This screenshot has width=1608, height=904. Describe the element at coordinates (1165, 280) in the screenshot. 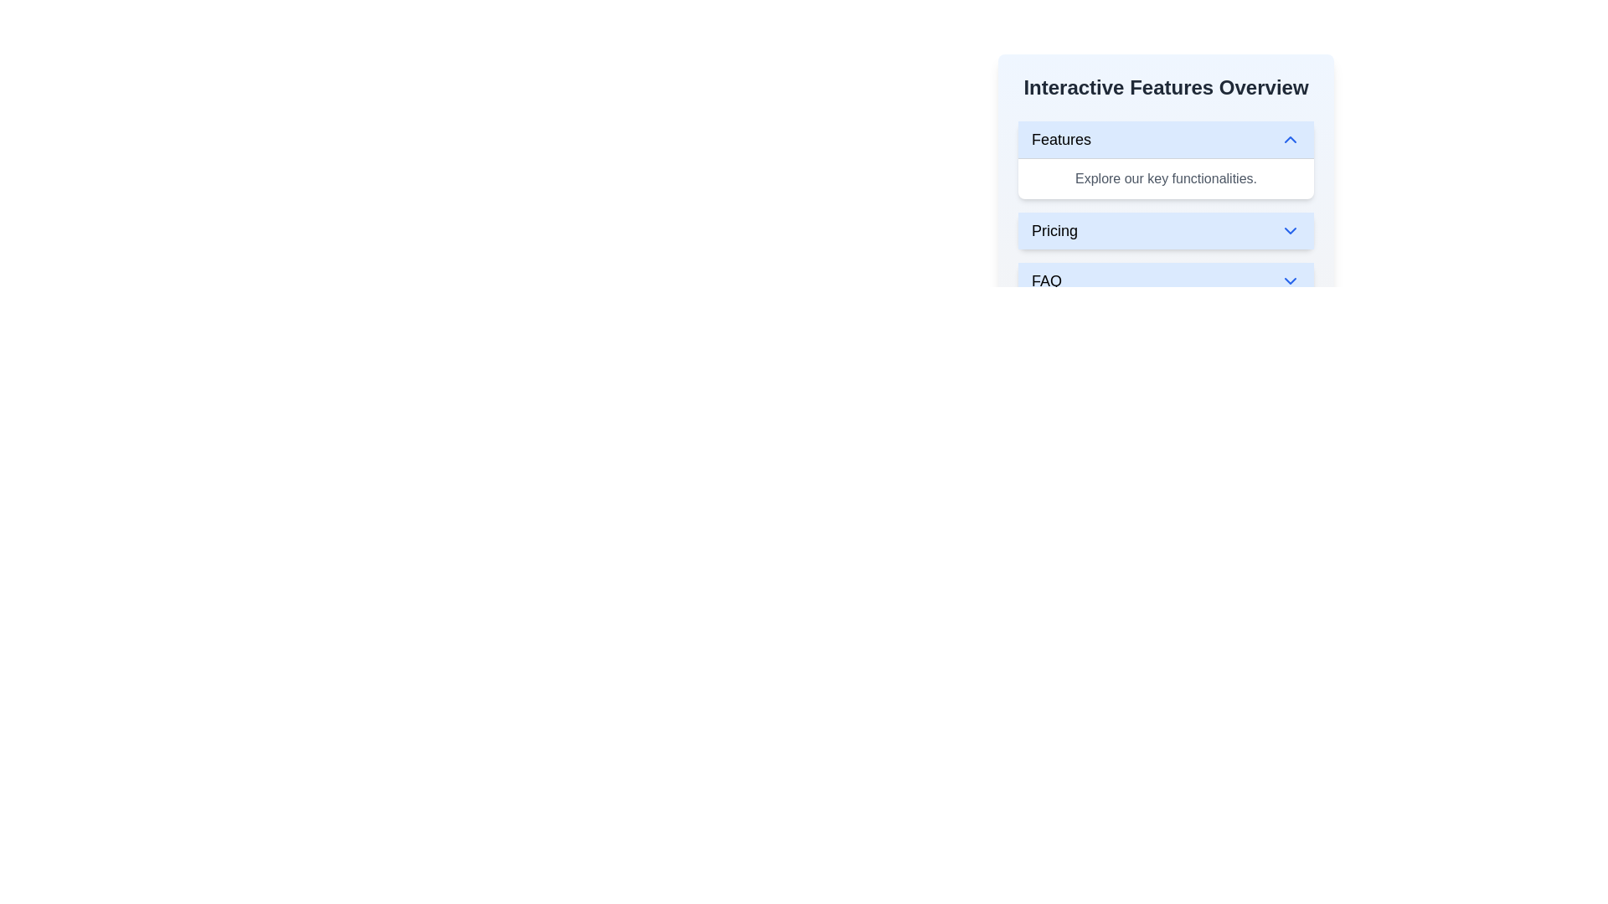

I see `the 'FAQ' button, which is the third item in a vertical stack of buttons styled with a white background and blue border` at that location.